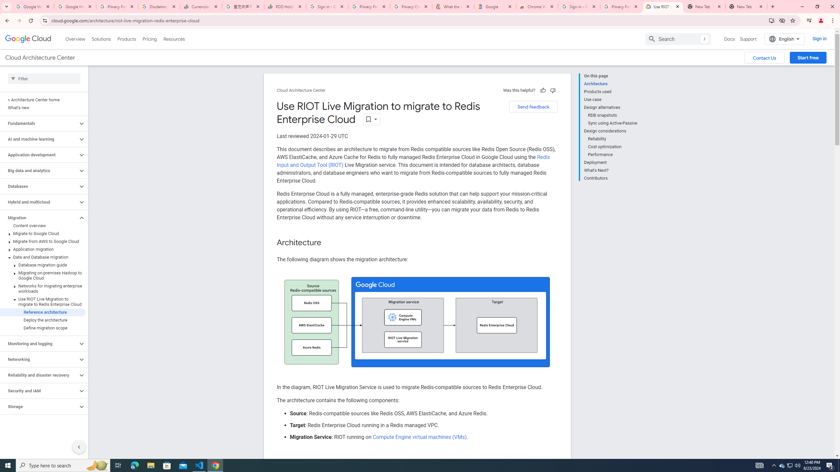 The image size is (840, 472). I want to click on 'Use case', so click(610, 99).